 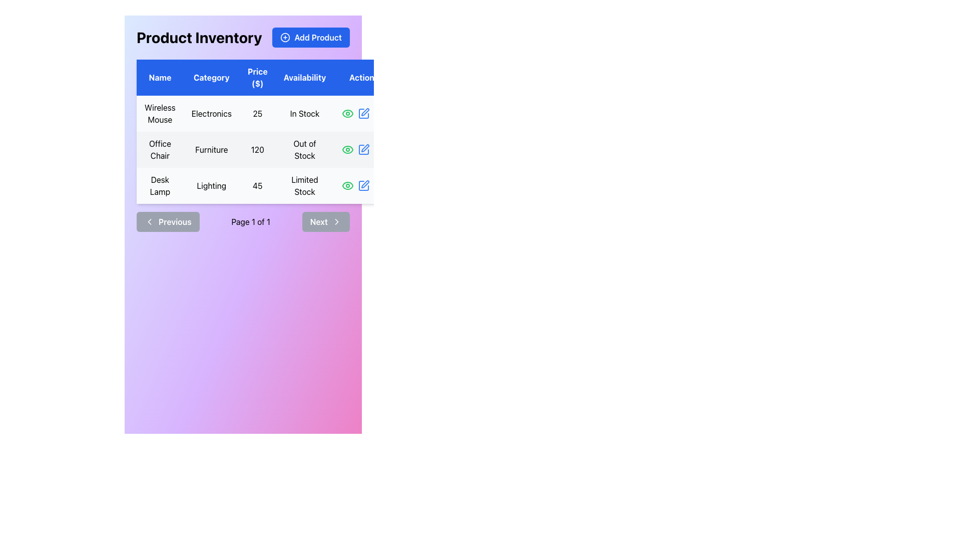 I want to click on the blue-colored button resembling a pen icon in the 'Actions' column of the first row, so click(x=363, y=113).